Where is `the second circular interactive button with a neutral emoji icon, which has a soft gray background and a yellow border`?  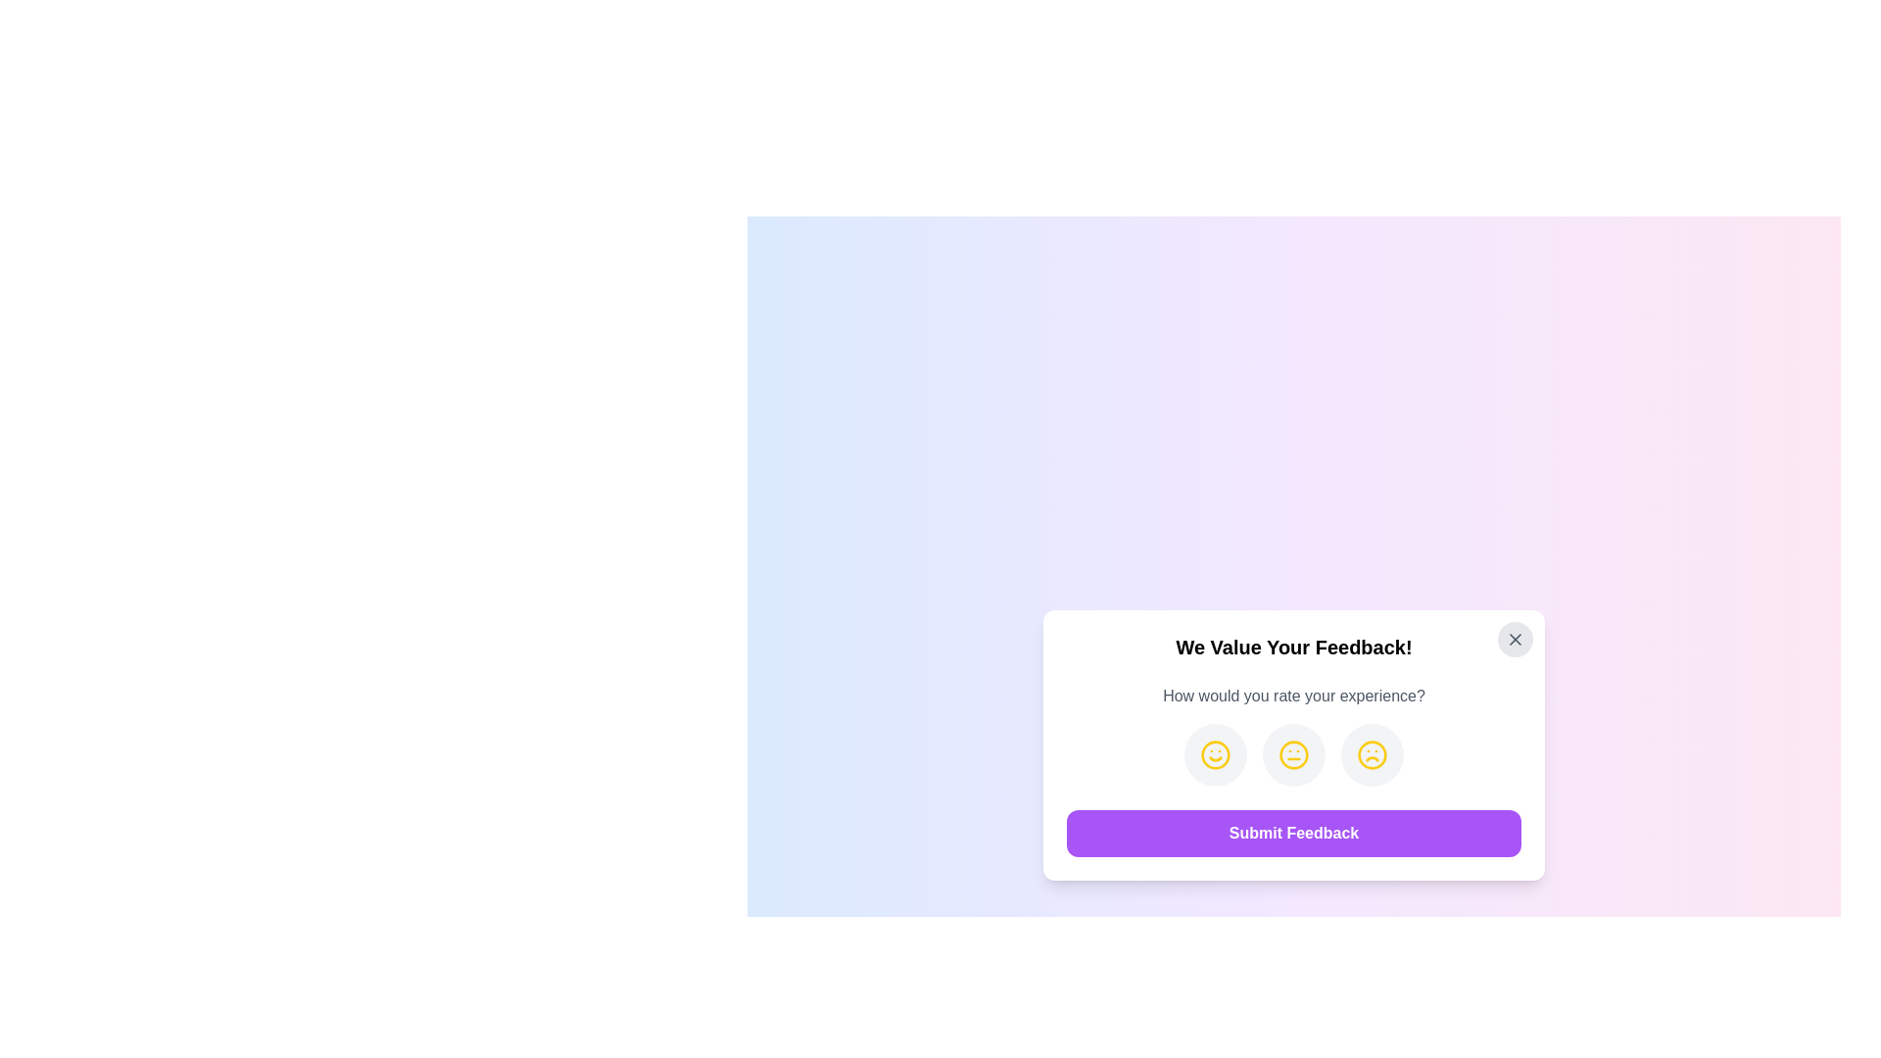
the second circular interactive button with a neutral emoji icon, which has a soft gray background and a yellow border is located at coordinates (1293, 754).